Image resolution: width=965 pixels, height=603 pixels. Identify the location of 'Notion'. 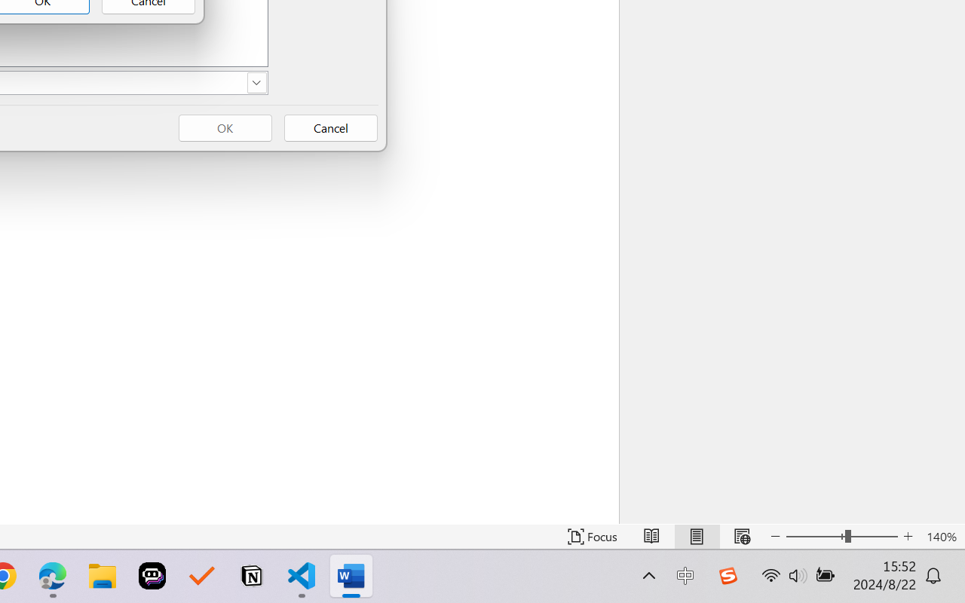
(252, 576).